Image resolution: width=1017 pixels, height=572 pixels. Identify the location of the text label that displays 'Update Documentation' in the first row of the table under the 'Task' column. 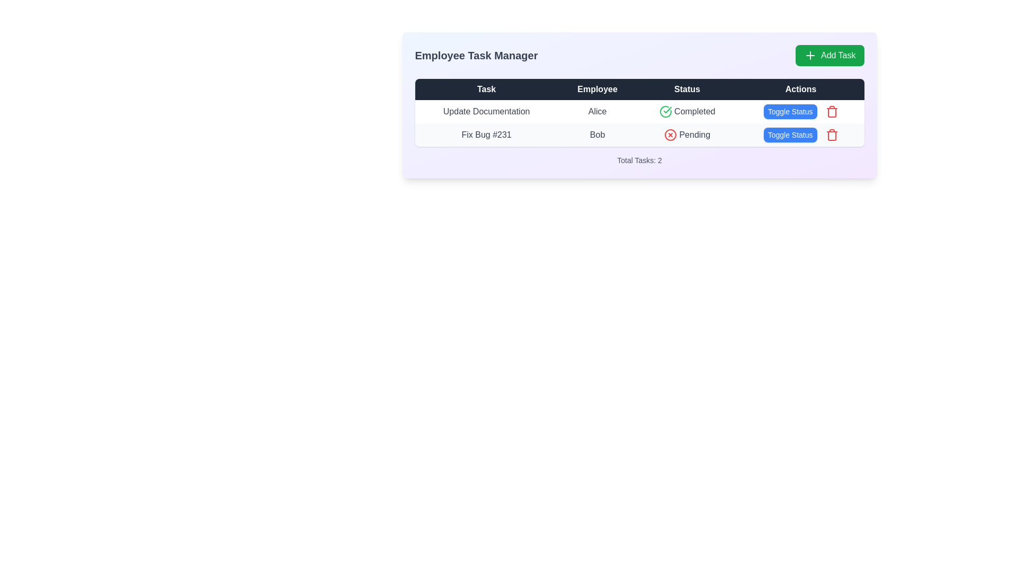
(486, 112).